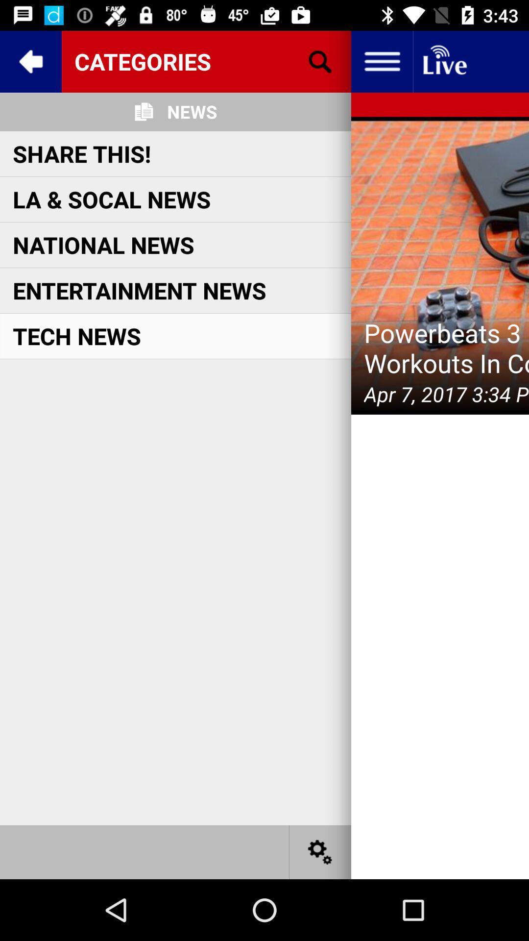  What do you see at coordinates (206, 61) in the screenshot?
I see `categories` at bounding box center [206, 61].